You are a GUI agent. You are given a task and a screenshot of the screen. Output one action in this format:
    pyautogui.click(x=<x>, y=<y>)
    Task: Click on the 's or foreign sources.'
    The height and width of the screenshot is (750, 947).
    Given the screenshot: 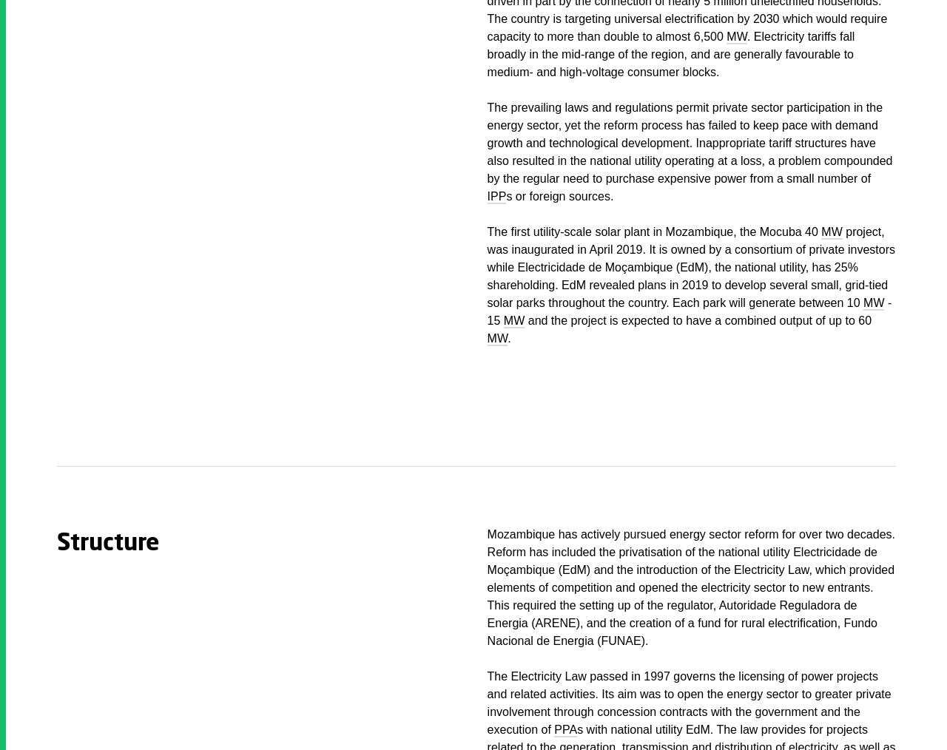 What is the action you would take?
    pyautogui.click(x=506, y=196)
    